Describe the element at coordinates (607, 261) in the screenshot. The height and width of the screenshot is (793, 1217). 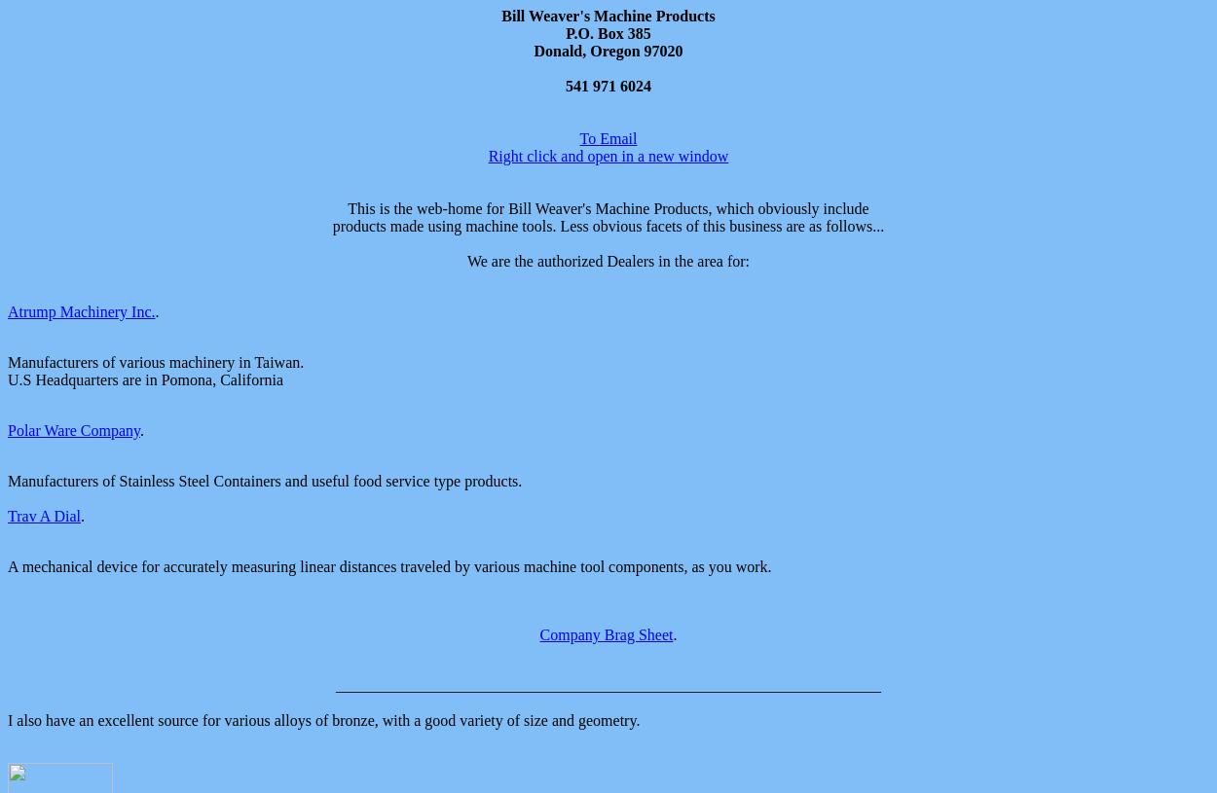
I see `'We are the authorized Dealers in the area for:'` at that location.